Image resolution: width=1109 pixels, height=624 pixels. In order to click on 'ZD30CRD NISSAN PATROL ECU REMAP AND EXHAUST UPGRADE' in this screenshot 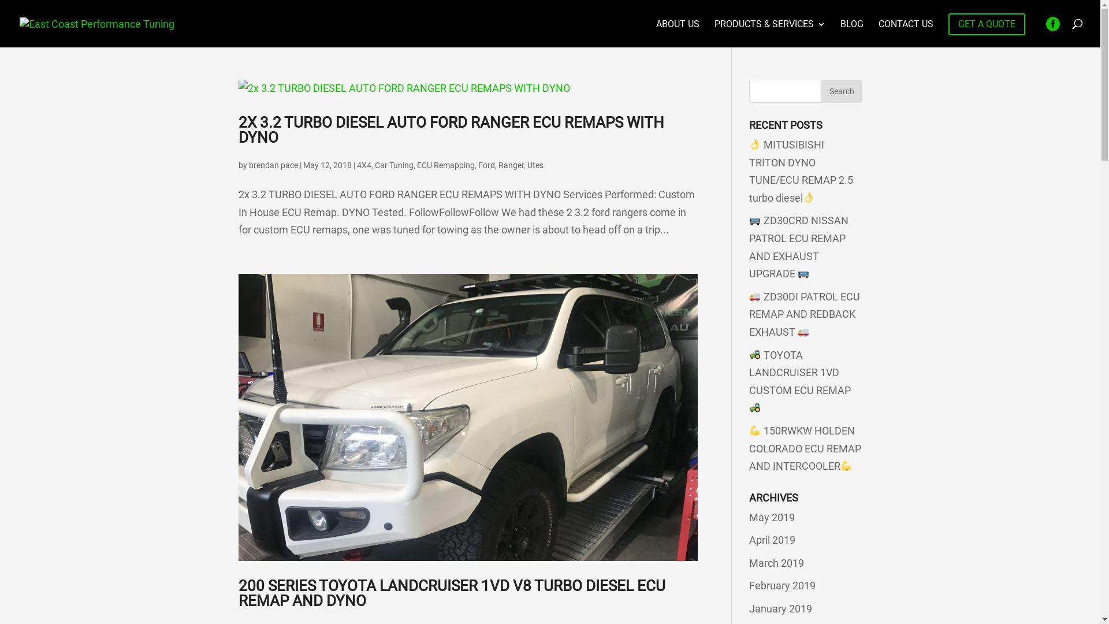, I will do `click(798, 246)`.